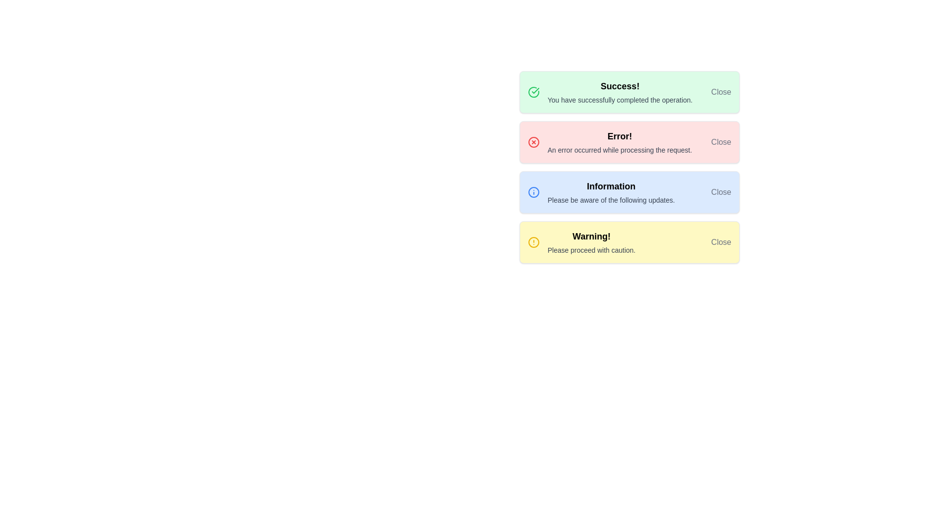 The width and height of the screenshot is (943, 530). I want to click on the circular outline in the SVG graphic that serves as the outermost part of the warning icon, positioned at the left of the warning message, so click(533, 242).